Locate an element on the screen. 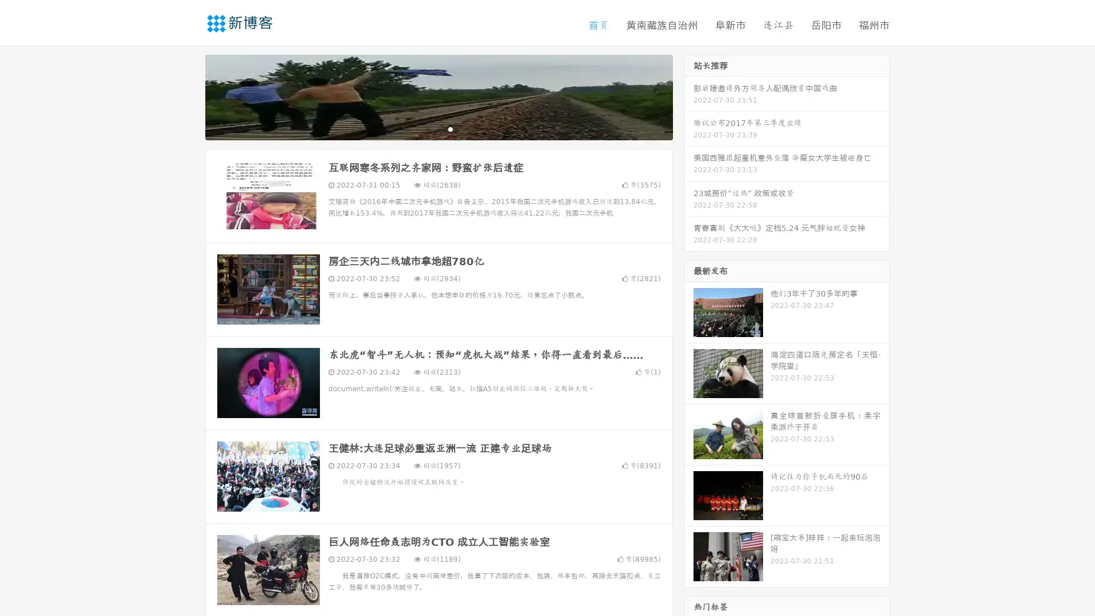 The width and height of the screenshot is (1095, 616). Next slide is located at coordinates (689, 96).